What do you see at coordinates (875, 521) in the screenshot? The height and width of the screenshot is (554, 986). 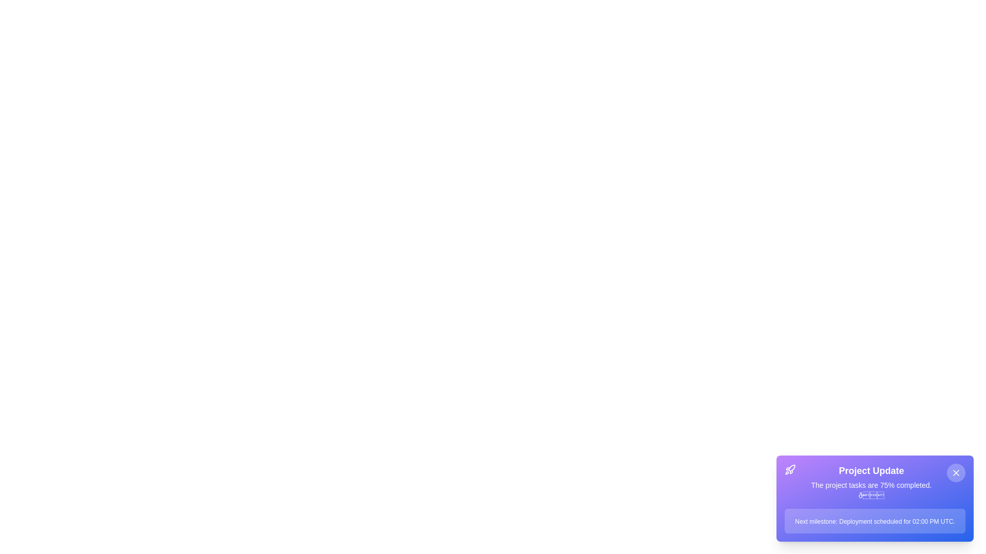 I see `the milestone details section to inspect the milestone details` at bounding box center [875, 521].